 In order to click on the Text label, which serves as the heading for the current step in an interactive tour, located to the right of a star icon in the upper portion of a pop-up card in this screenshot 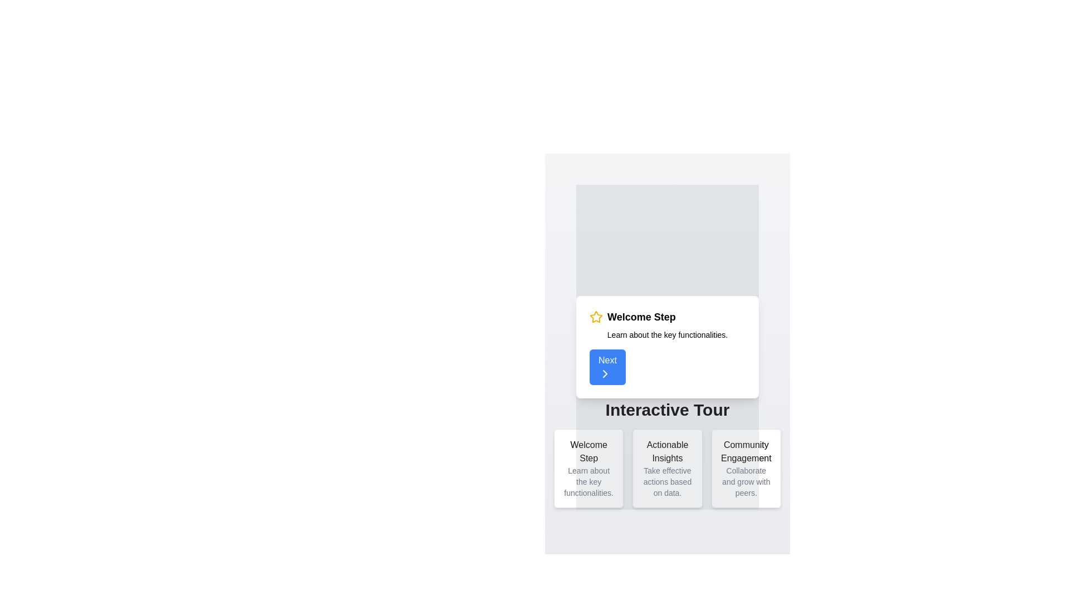, I will do `click(641, 317)`.